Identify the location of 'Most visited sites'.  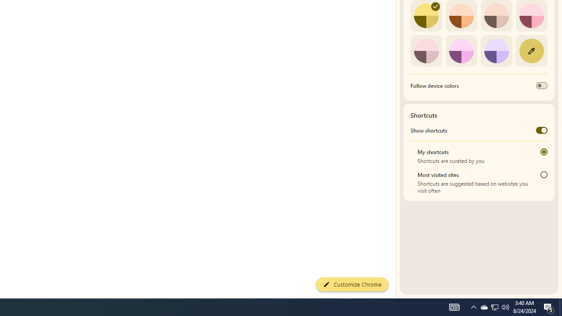
(544, 175).